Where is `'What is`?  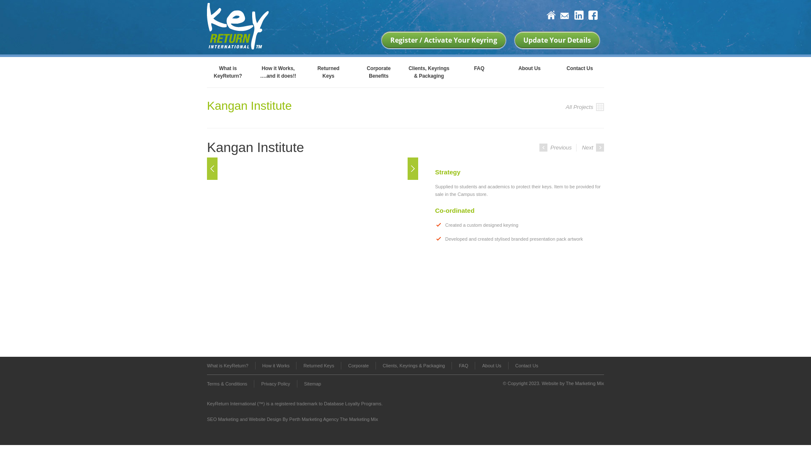 'What is is located at coordinates (228, 71).